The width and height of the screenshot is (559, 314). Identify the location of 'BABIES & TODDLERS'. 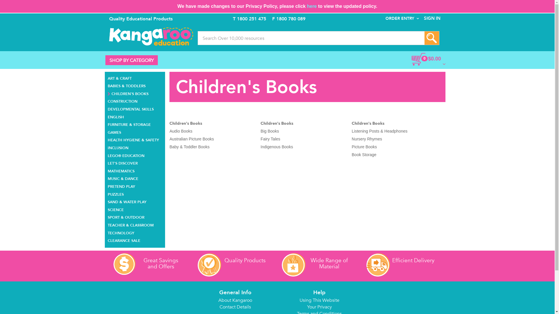
(126, 85).